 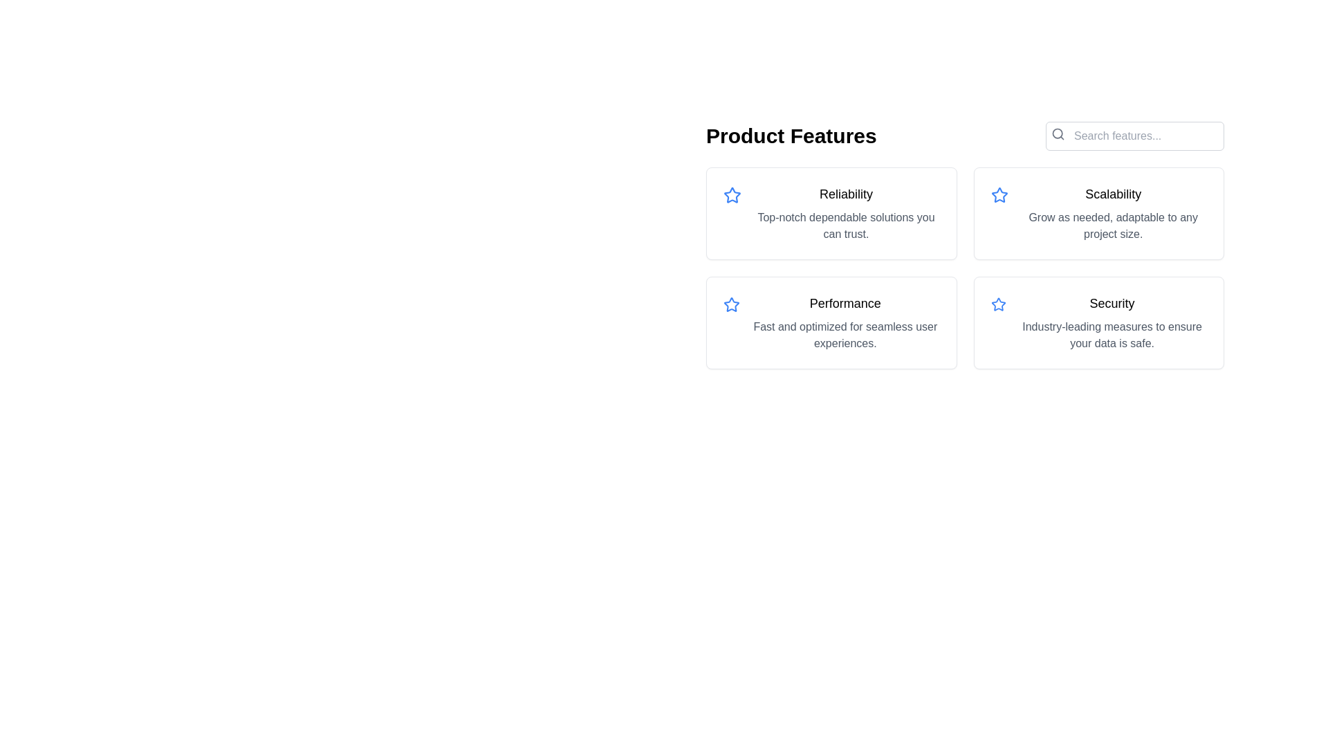 I want to click on the heading text that introduces and categorizes the content of the first rectangular card in the 'Product Features' grid, so click(x=845, y=194).